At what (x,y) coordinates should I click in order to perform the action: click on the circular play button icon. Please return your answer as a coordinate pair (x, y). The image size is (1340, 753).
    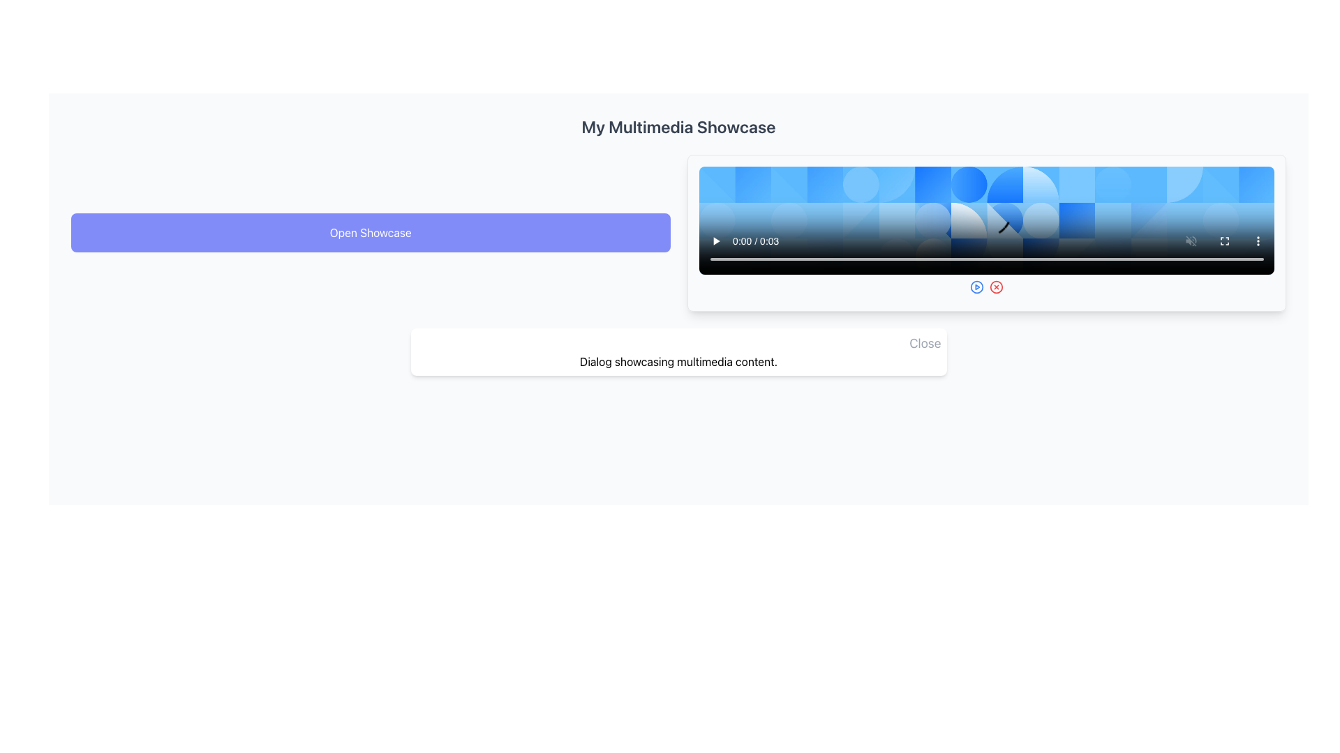
    Looking at the image, I should click on (976, 286).